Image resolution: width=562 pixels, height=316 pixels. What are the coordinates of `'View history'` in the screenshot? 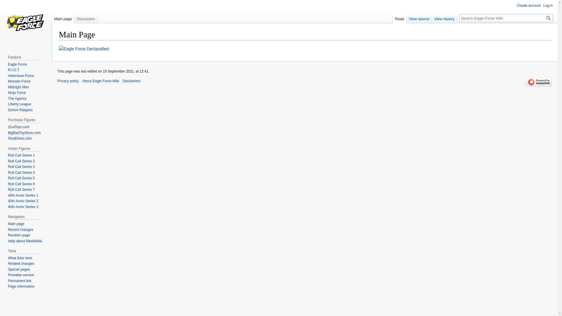 It's located at (444, 17).